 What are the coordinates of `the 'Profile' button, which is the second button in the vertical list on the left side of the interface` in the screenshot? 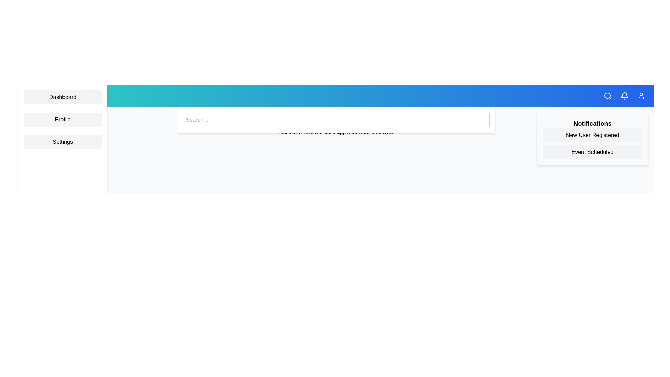 It's located at (63, 119).